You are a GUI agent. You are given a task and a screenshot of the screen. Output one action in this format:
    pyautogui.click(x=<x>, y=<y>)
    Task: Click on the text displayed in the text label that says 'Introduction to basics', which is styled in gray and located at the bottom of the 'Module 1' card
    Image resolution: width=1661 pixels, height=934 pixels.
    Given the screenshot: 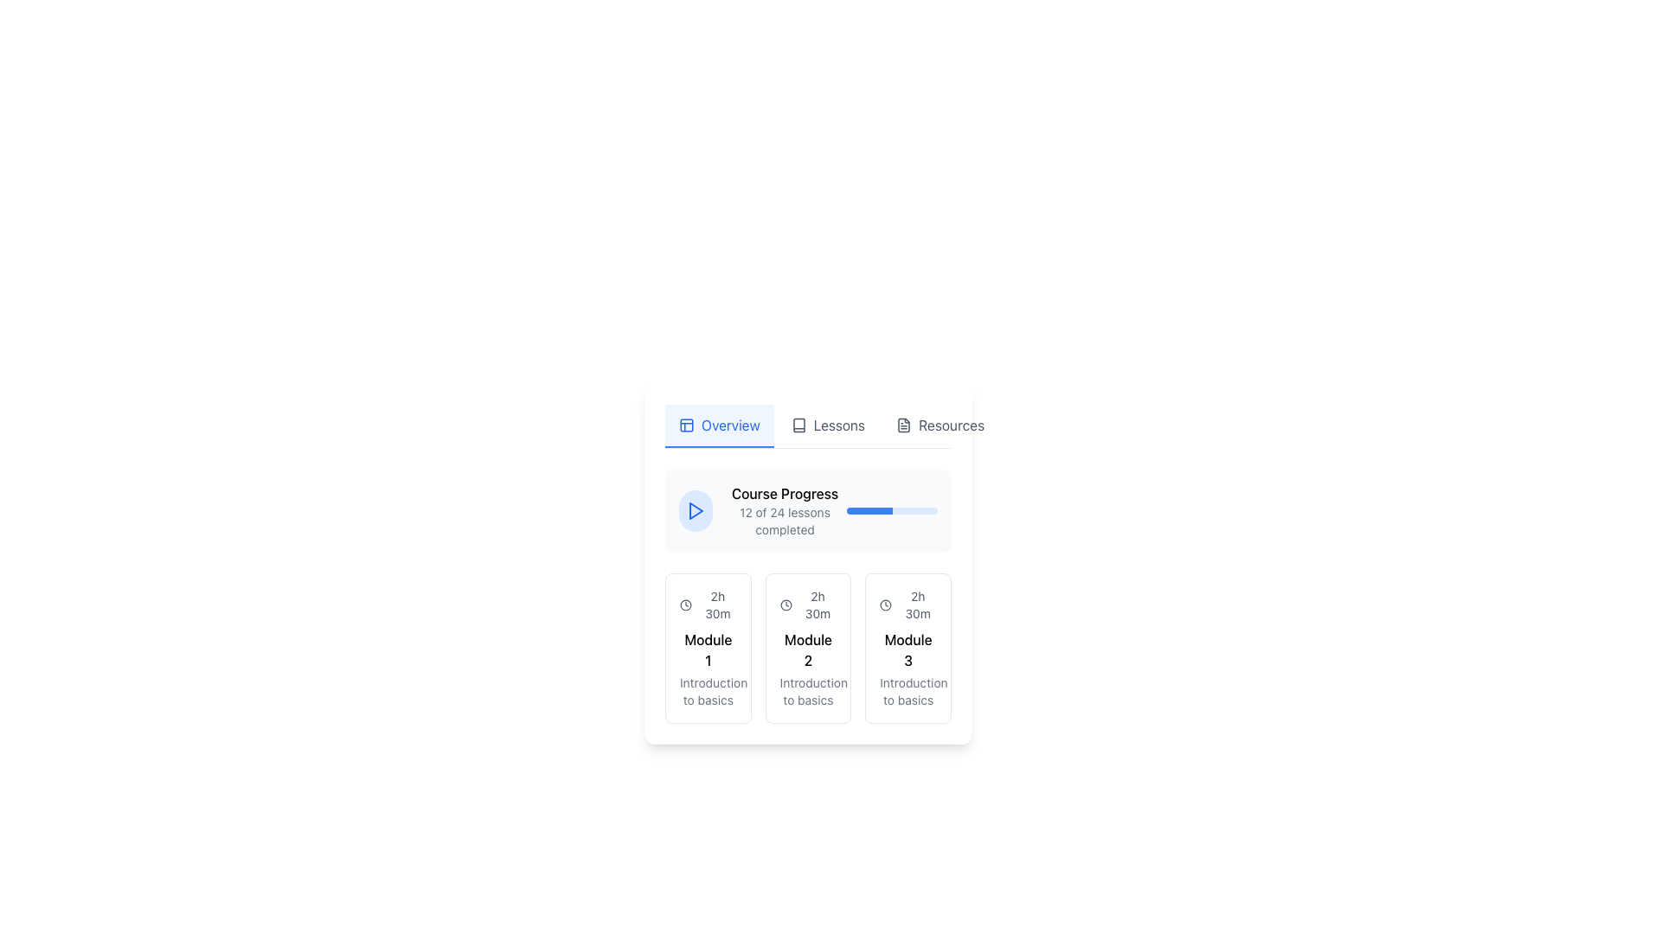 What is the action you would take?
    pyautogui.click(x=708, y=690)
    